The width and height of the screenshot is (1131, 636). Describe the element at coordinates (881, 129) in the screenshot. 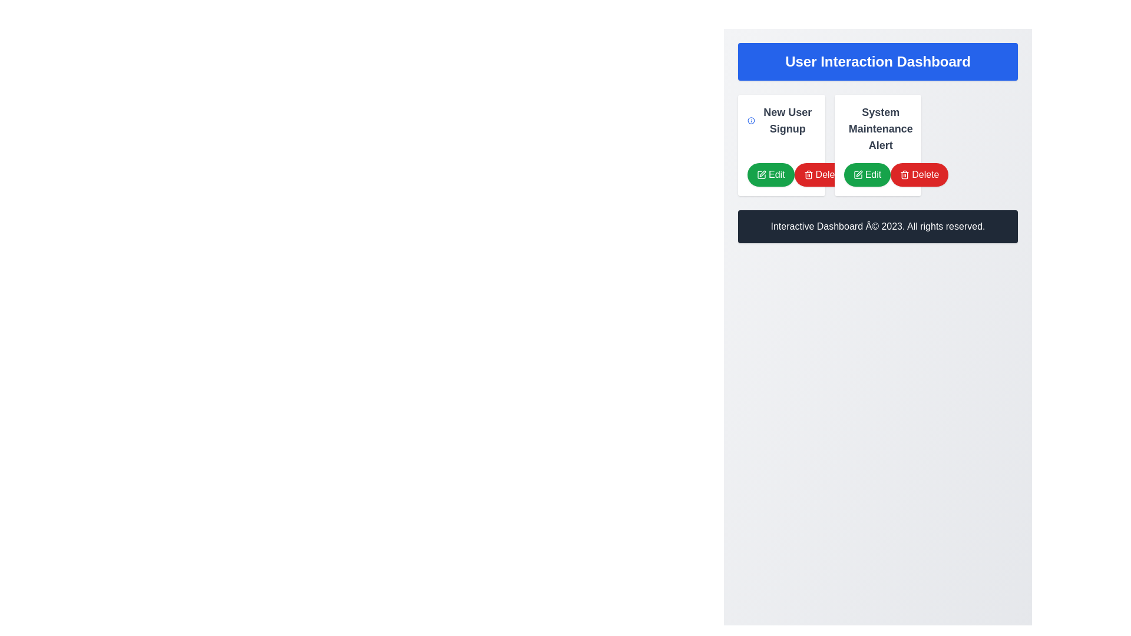

I see `the text label displaying 'System Maintenance Alert', which is located in the second card from the left on the right side of the dashboard, beneath the 'User Interaction Dashboard' header` at that location.